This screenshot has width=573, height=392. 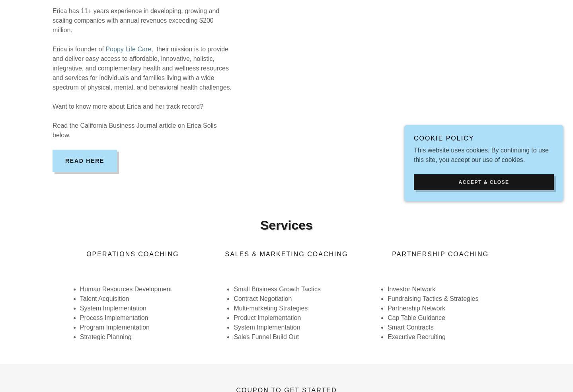 What do you see at coordinates (114, 317) in the screenshot?
I see `'Process Implementation'` at bounding box center [114, 317].